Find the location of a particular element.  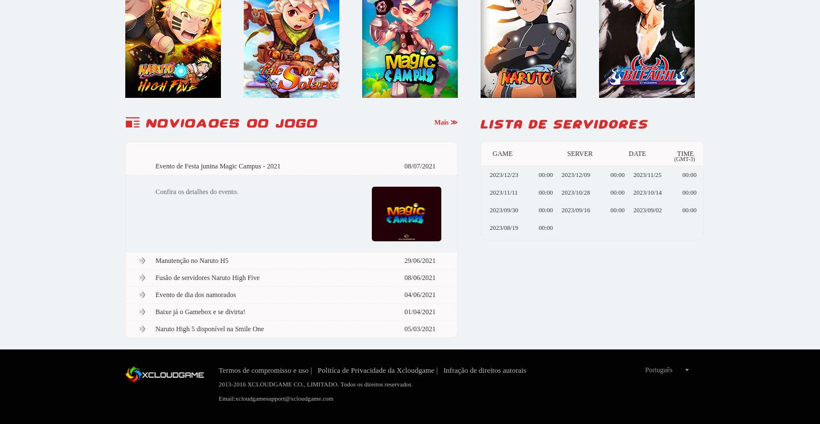

'(GMT-3)' is located at coordinates (683, 159).